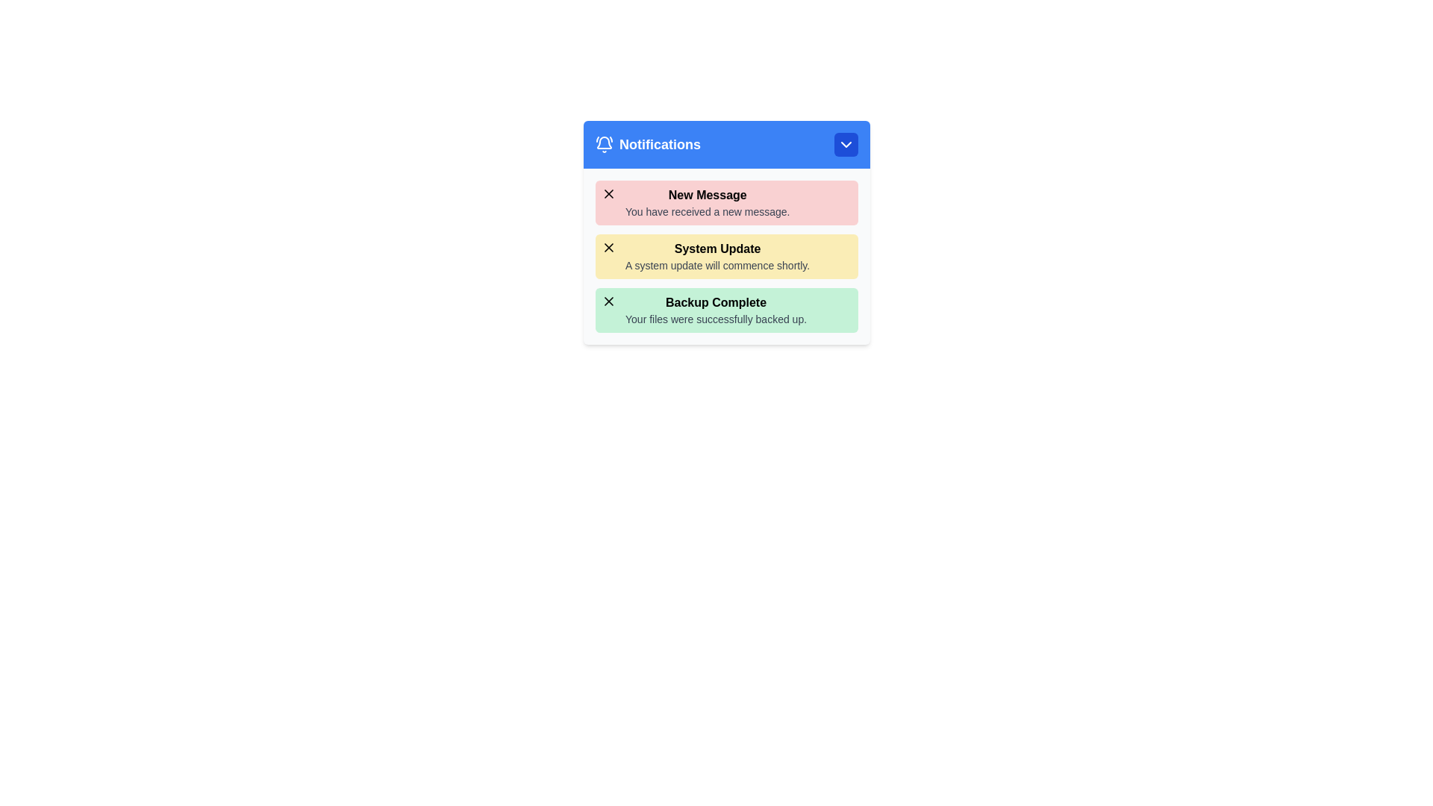 The width and height of the screenshot is (1433, 806). What do you see at coordinates (609, 302) in the screenshot?
I see `the black diagonal cross (X) SVG icon located in the third notification row` at bounding box center [609, 302].